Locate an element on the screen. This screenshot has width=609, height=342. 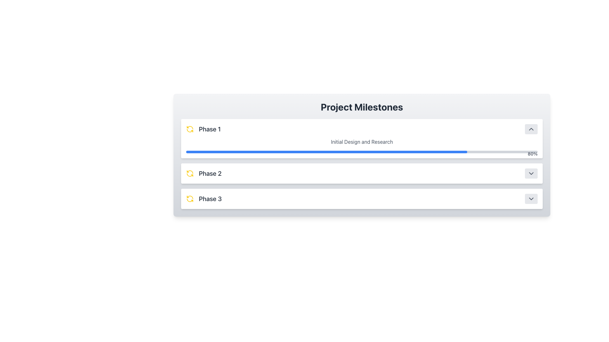
the downward-pointing chevron icon within the rounded rectangular button located to the far right of the 'Phase 3' row in the vertical milestone list is located at coordinates (531, 199).